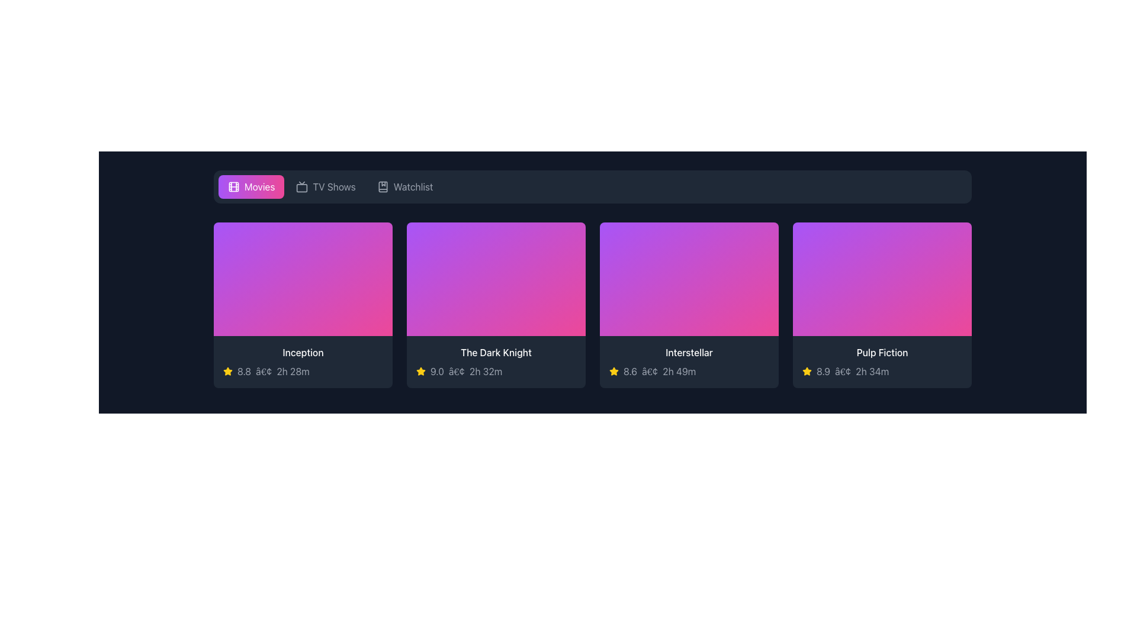 The height and width of the screenshot is (639, 1137). I want to click on the Decorative background area of the 'Pulp Fiction' movie card, located in the top section of the fourth card in the horizontal list of movie cards, so click(882, 279).